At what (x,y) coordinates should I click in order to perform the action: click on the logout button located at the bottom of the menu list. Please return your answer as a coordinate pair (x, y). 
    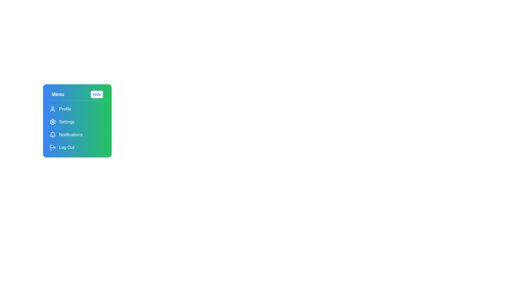
    Looking at the image, I should click on (77, 147).